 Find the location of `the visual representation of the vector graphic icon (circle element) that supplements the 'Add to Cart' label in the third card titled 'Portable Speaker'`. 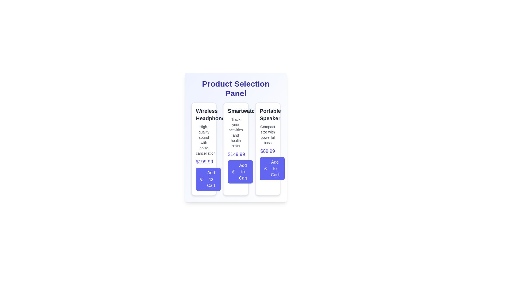

the visual representation of the vector graphic icon (circle element) that supplements the 'Add to Cart' label in the third card titled 'Portable Speaker' is located at coordinates (265, 168).